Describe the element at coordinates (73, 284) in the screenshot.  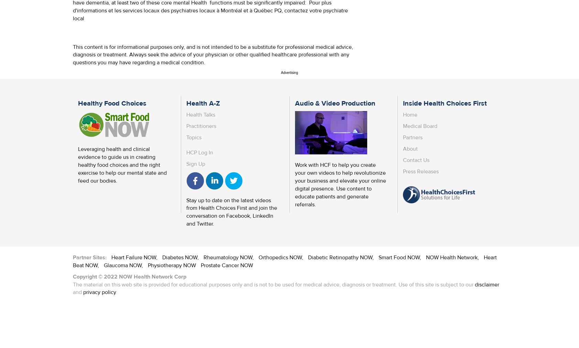
I see `'The material on this web site is provided for educational purposes only and is not to be used for medical advice, diagnosis or treatment.
          Use of this site is subject to our'` at that location.